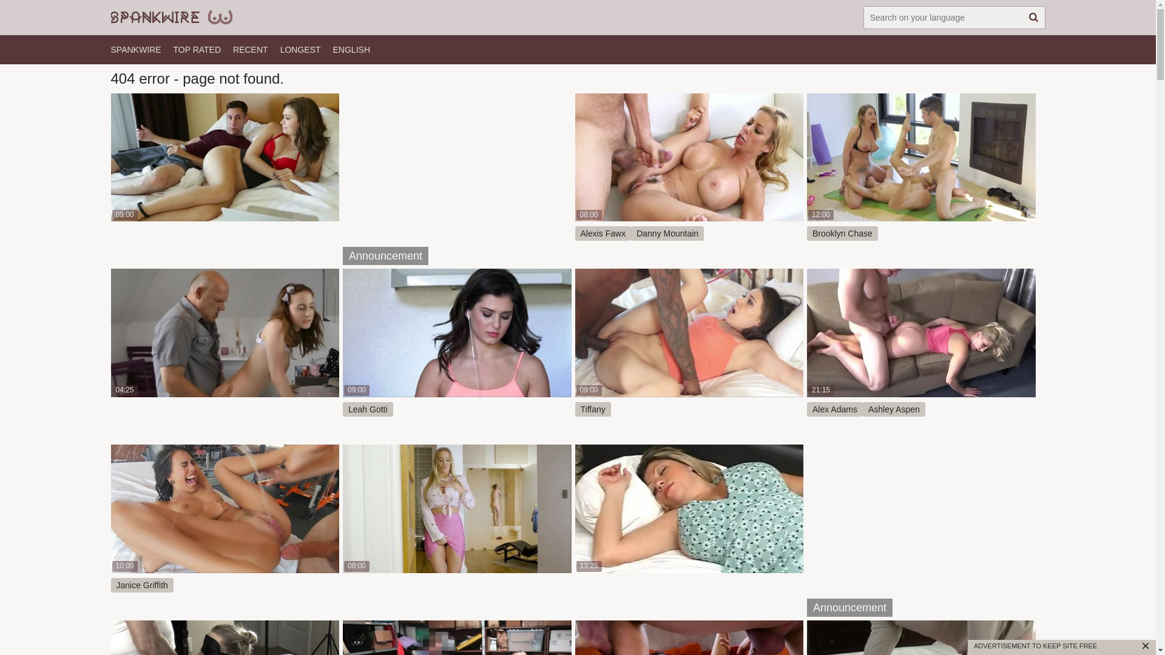 The height and width of the screenshot is (655, 1165). I want to click on 'ENGLISH', so click(333, 49).